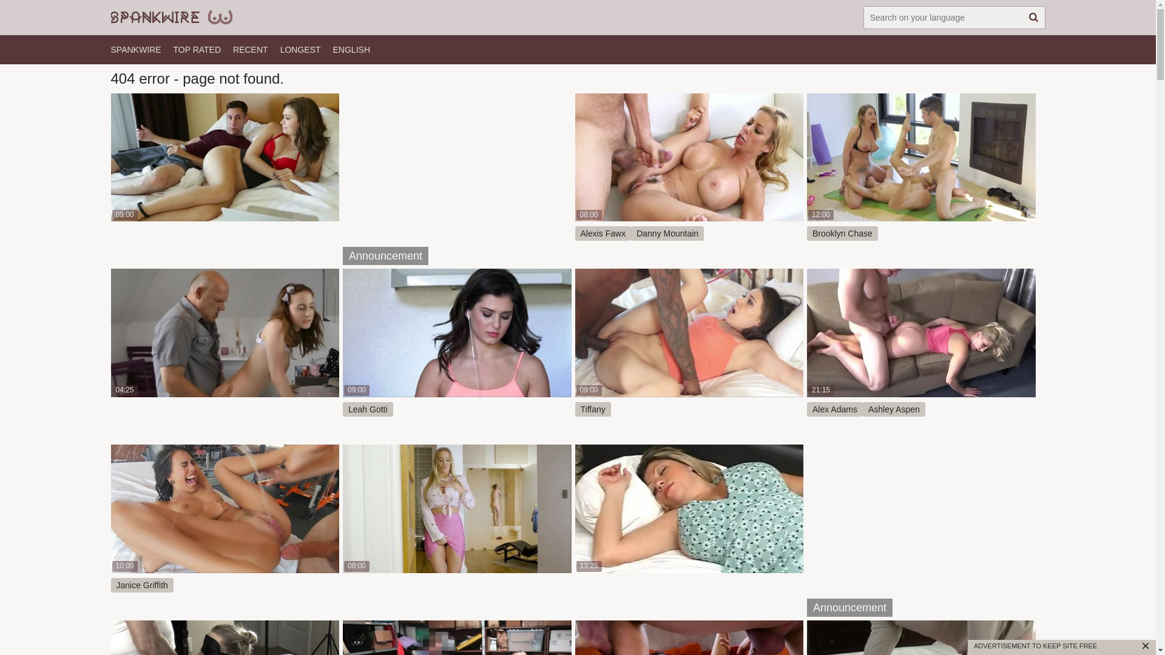 The height and width of the screenshot is (655, 1165). I want to click on 'ENGLISH', so click(333, 49).